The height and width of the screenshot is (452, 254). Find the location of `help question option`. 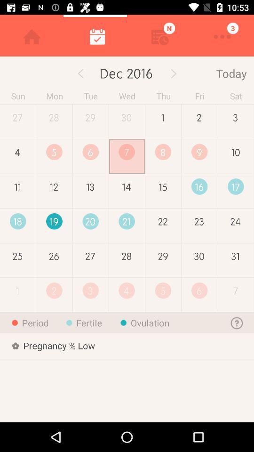

help question option is located at coordinates (237, 323).